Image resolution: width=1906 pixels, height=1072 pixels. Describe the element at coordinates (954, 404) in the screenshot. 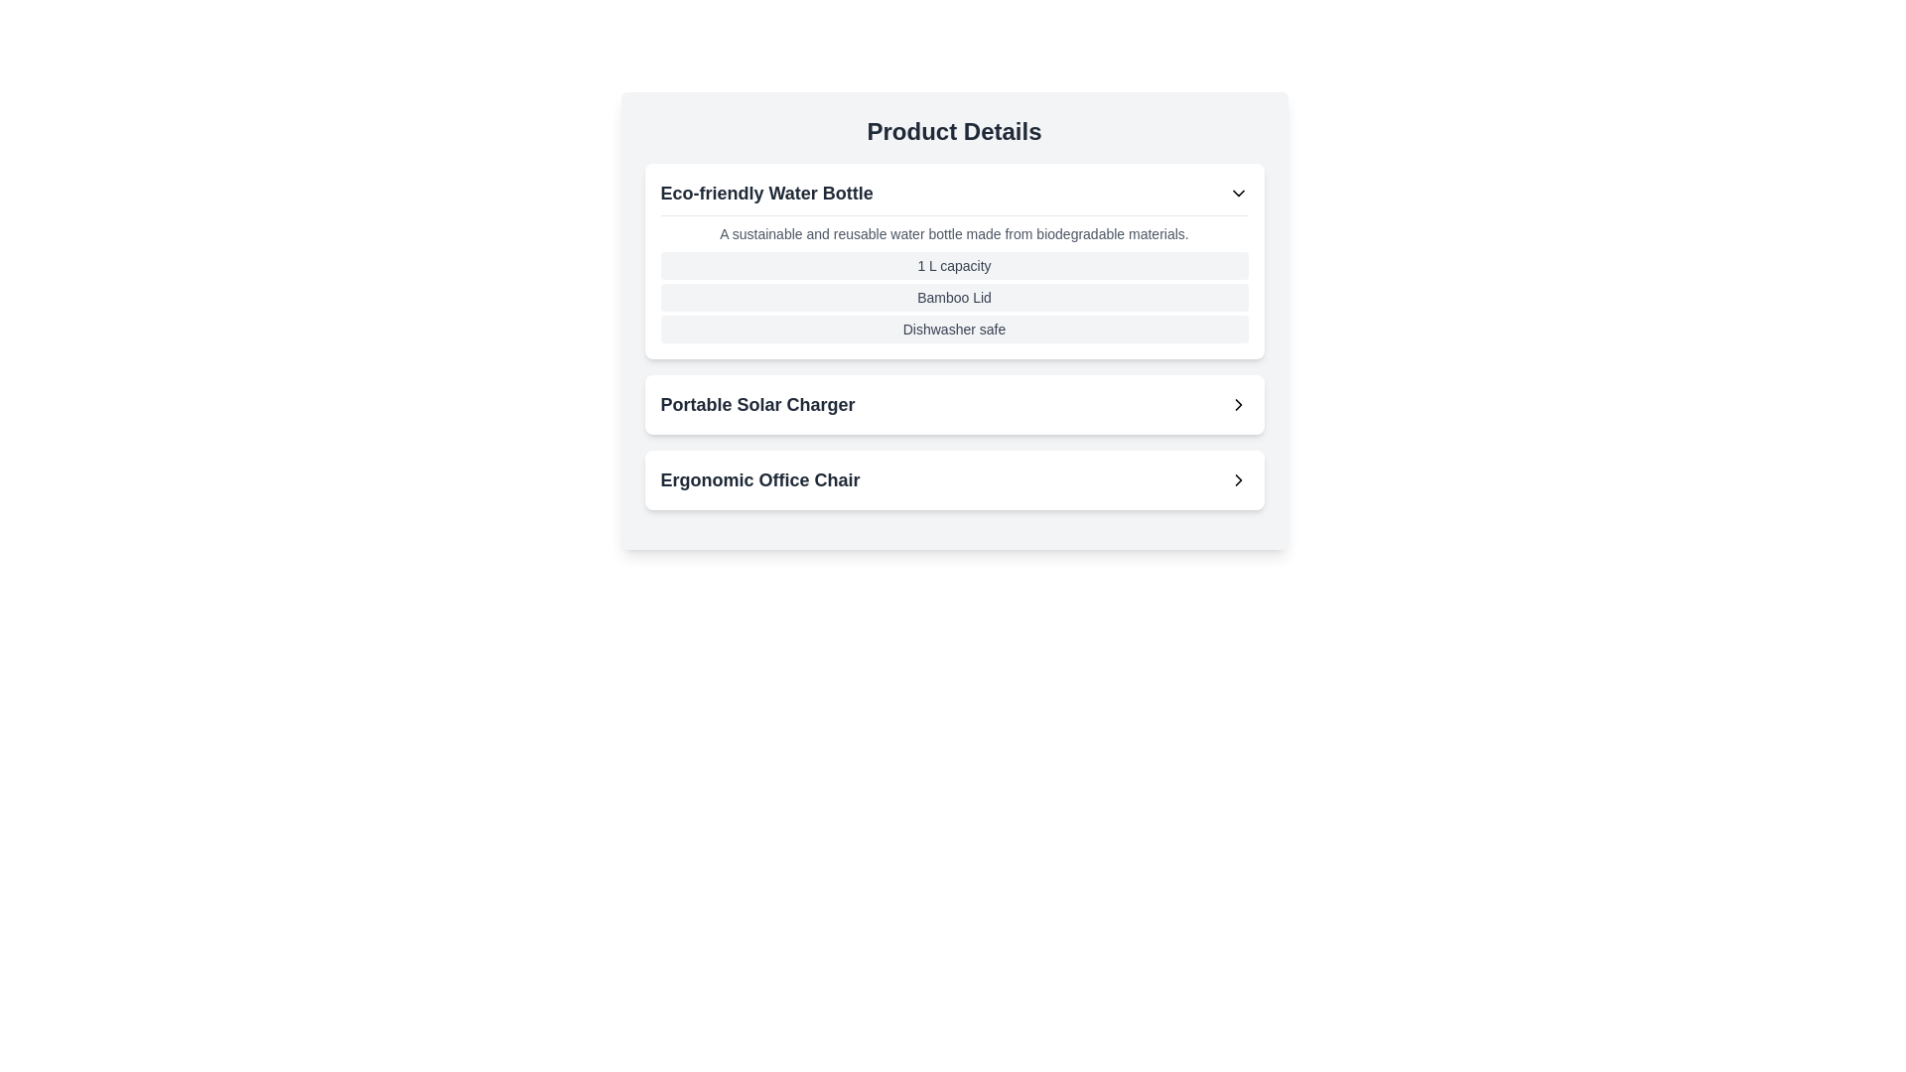

I see `the 'Portable Solar Charger' button-like list item for keyboard navigation` at that location.